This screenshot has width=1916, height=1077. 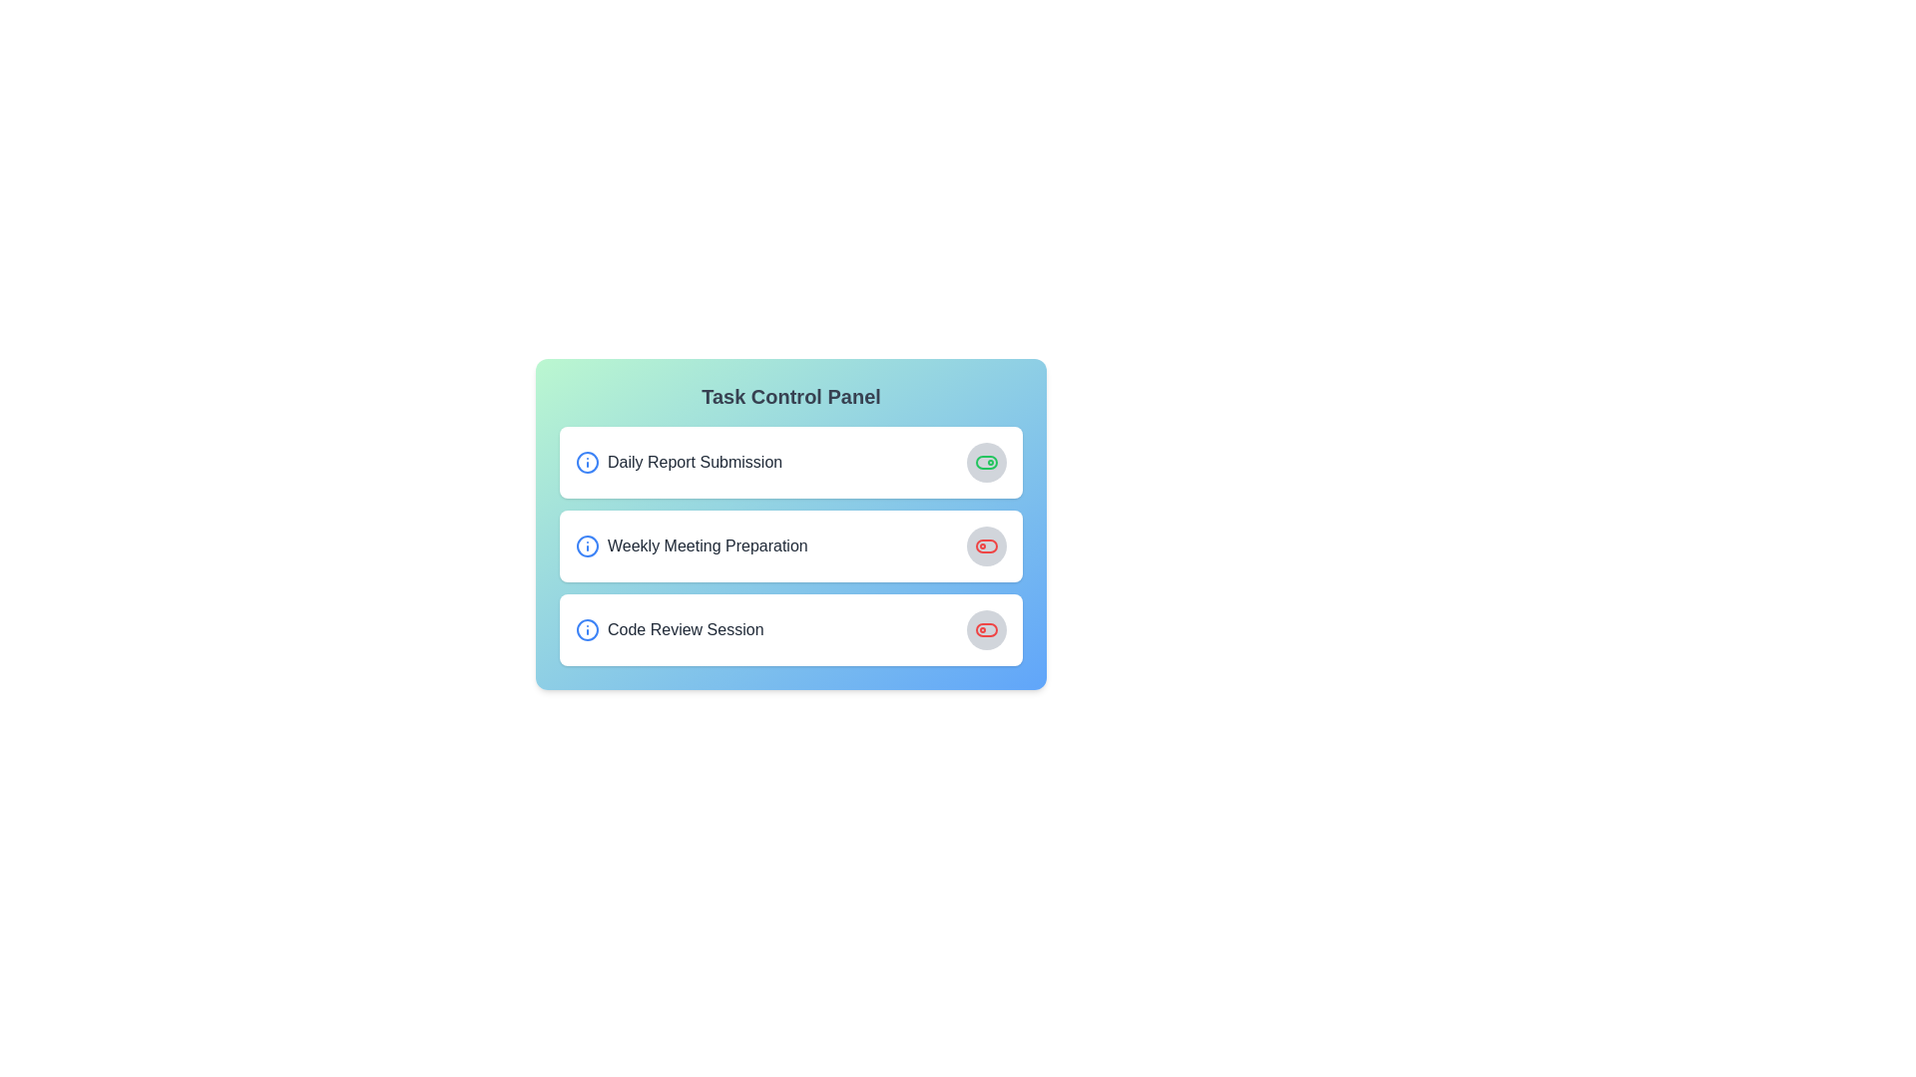 I want to click on the second task entry in the task manager panel, which is located between 'Daily Report Submission' and 'Code Review Session', so click(x=789, y=545).